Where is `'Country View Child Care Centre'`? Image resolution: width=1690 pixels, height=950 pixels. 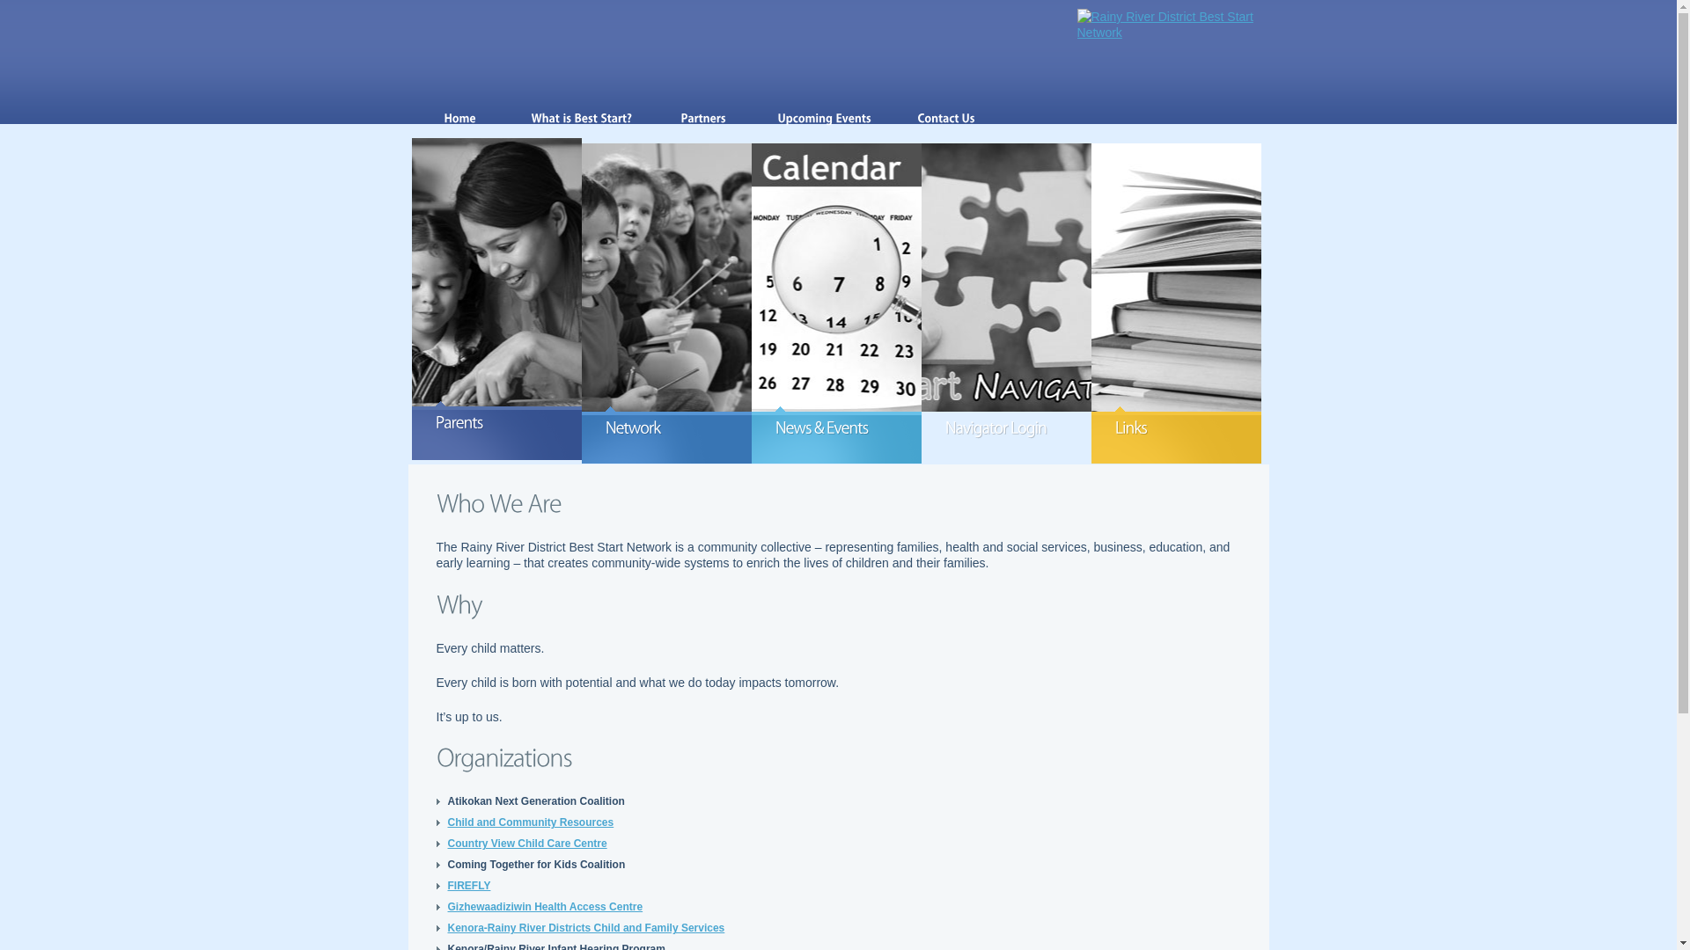
'Country View Child Care Centre' is located at coordinates (447, 843).